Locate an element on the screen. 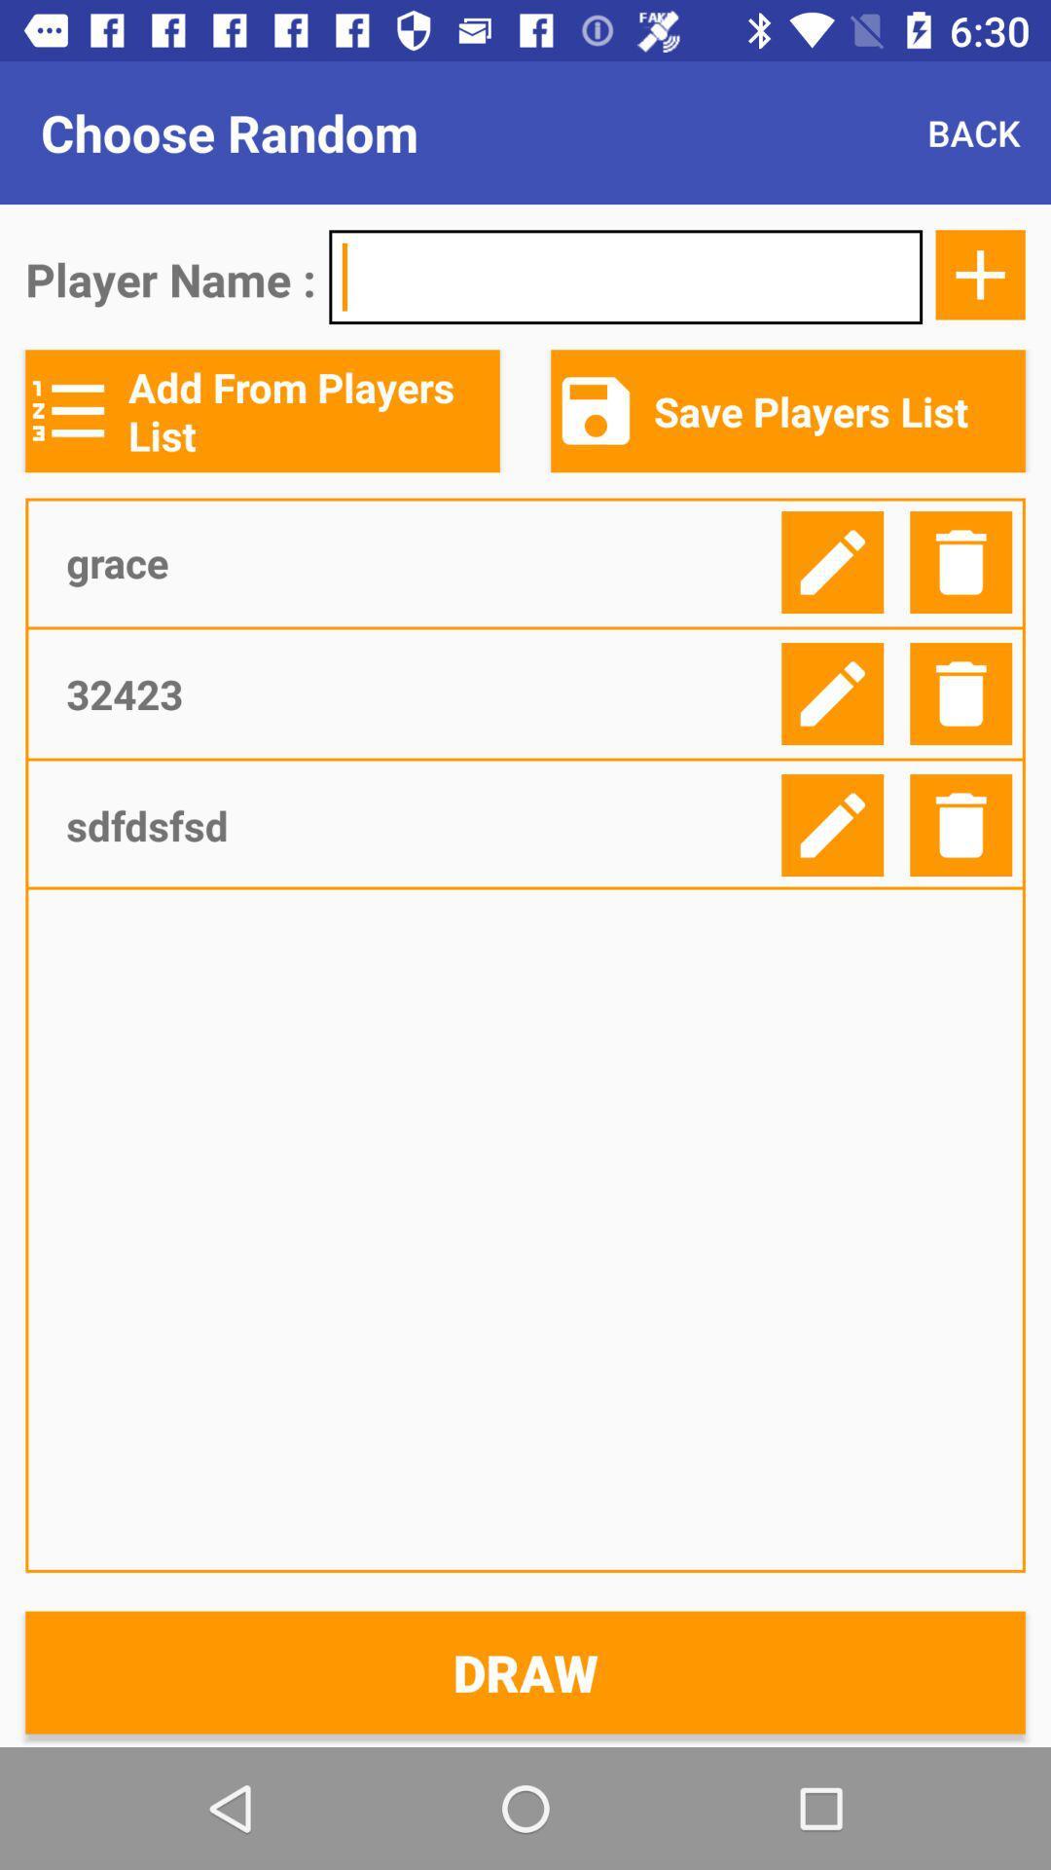  item below back item is located at coordinates (626, 276).